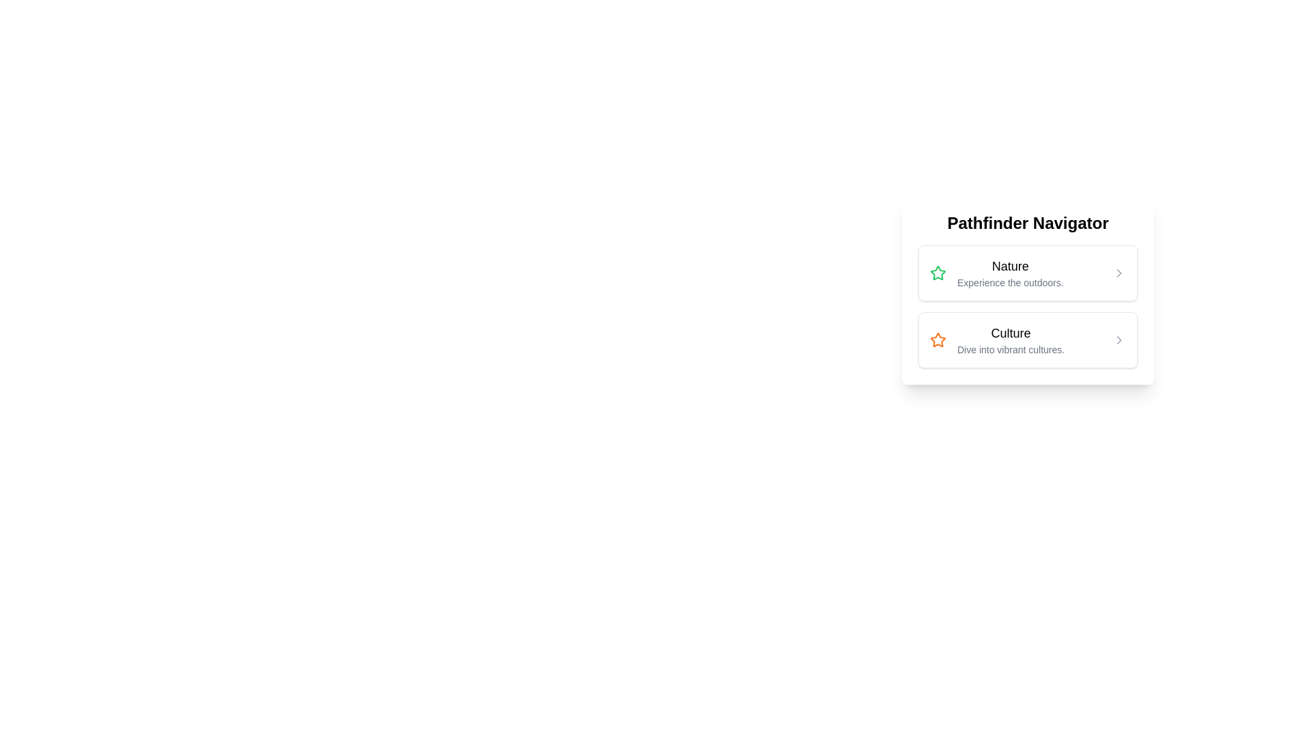 The image size is (1312, 738). I want to click on the text label 'Nature' that provides a title and description for the first card in the 'Pathfinder Navigator' to trigger a tooltip or highlight, so click(1010, 273).